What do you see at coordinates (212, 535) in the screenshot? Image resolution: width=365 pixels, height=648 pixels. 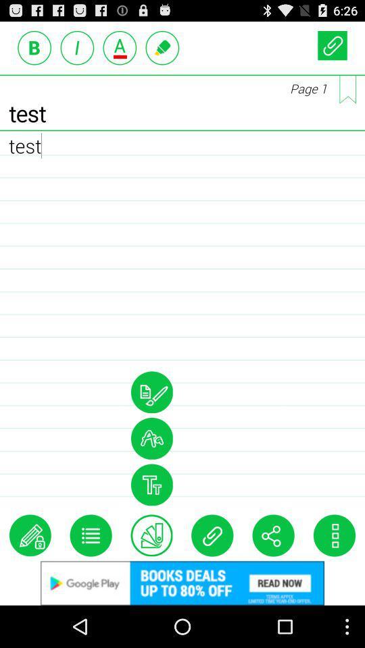 I see `attach file option` at bounding box center [212, 535].